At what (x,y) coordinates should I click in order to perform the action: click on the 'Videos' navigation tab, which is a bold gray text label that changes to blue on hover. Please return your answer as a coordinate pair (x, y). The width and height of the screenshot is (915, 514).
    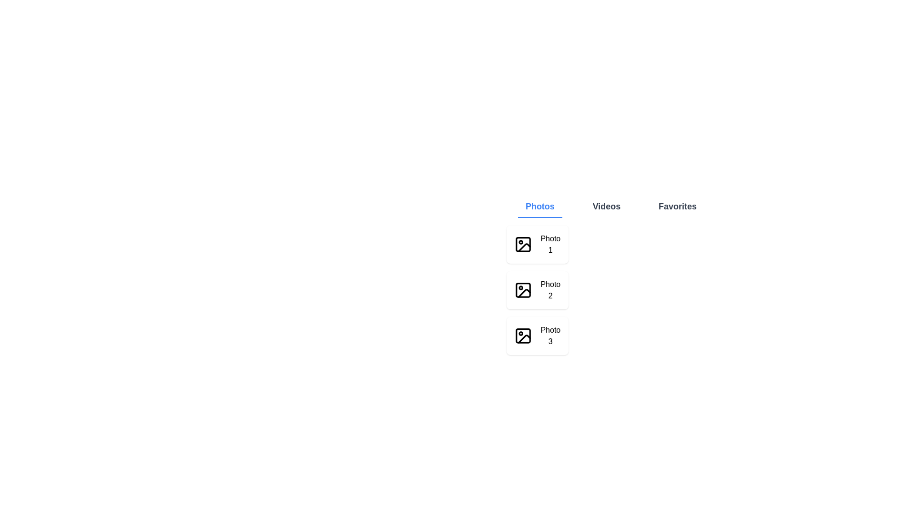
    Looking at the image, I should click on (606, 207).